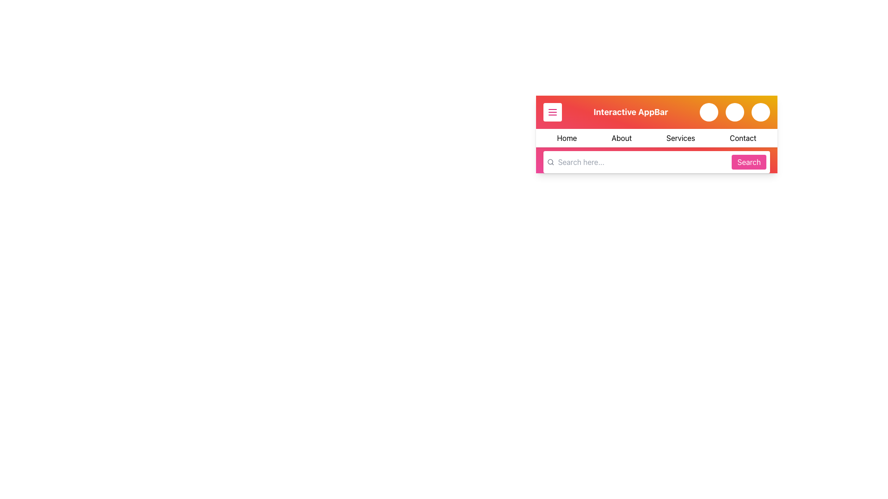 The image size is (888, 499). Describe the element at coordinates (553, 112) in the screenshot. I see `the rectangular button with a pink hamburger menu icon on the left side of the navigation bar` at that location.